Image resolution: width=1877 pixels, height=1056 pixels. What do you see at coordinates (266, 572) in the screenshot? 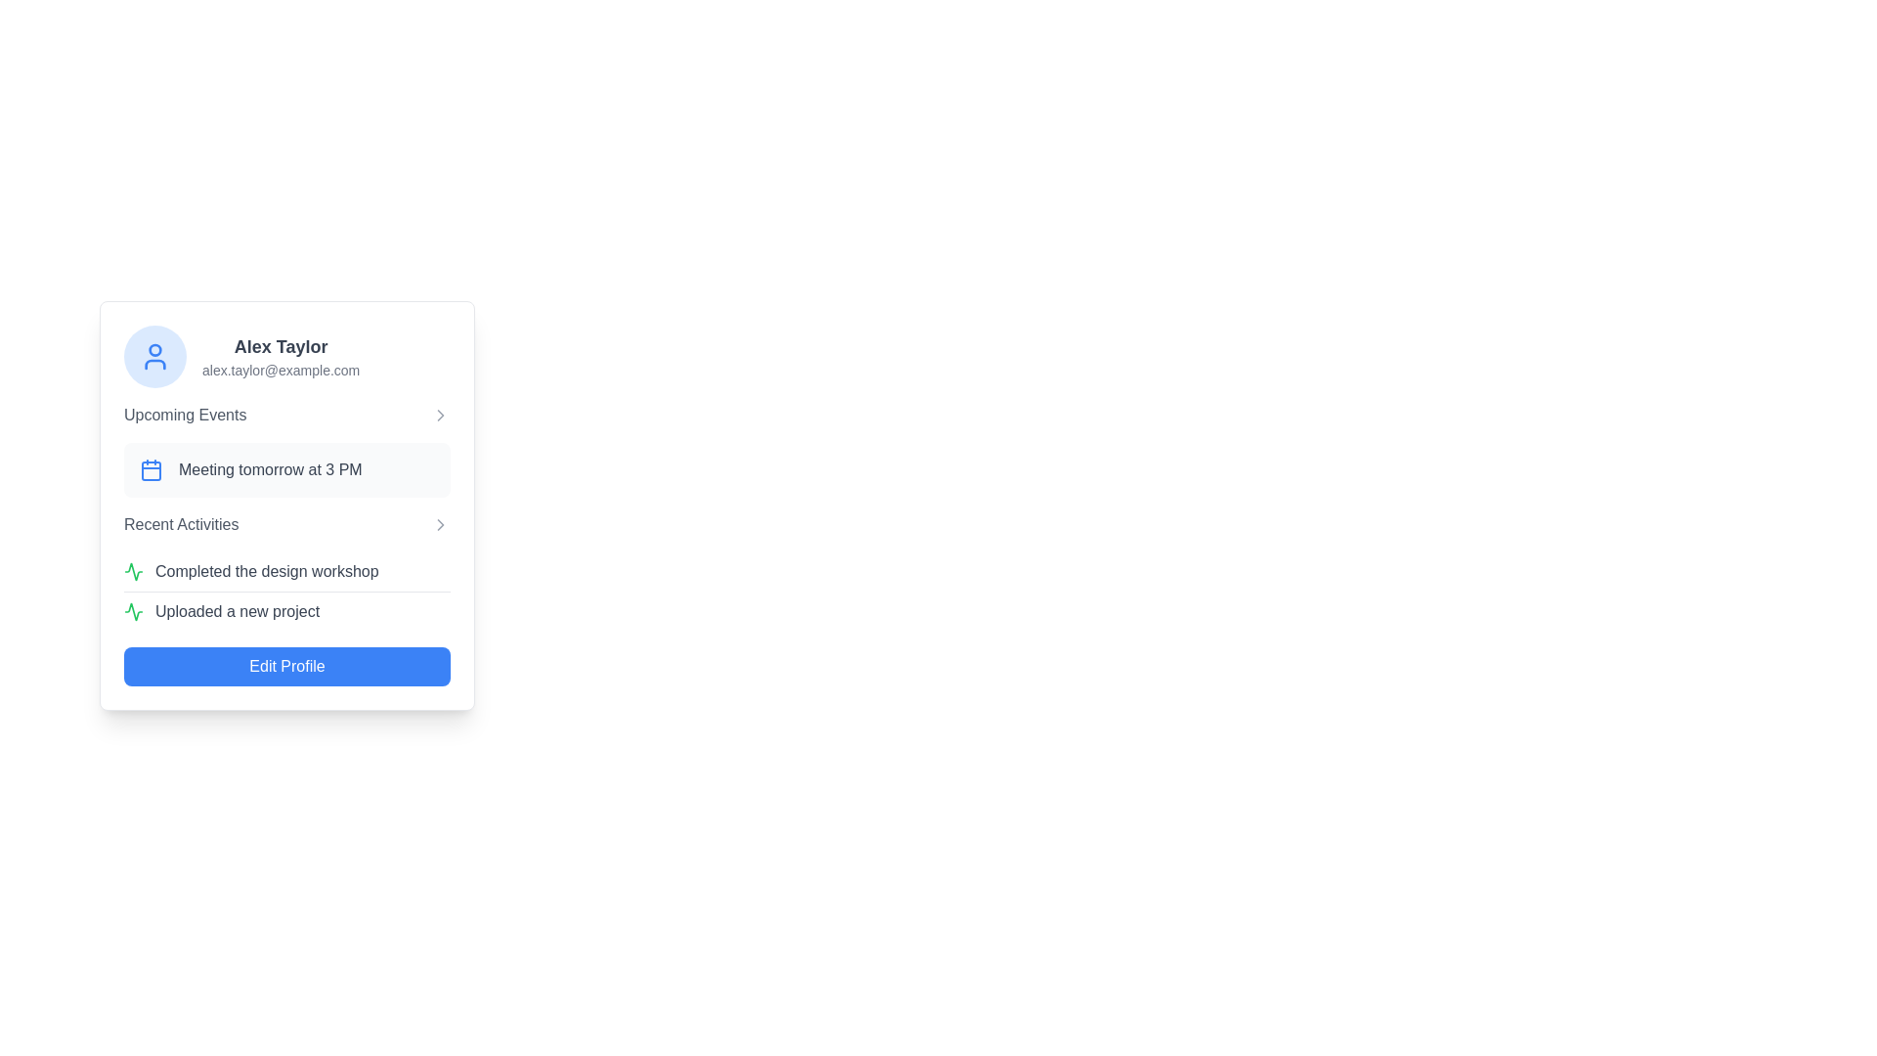
I see `the text node` at bounding box center [266, 572].